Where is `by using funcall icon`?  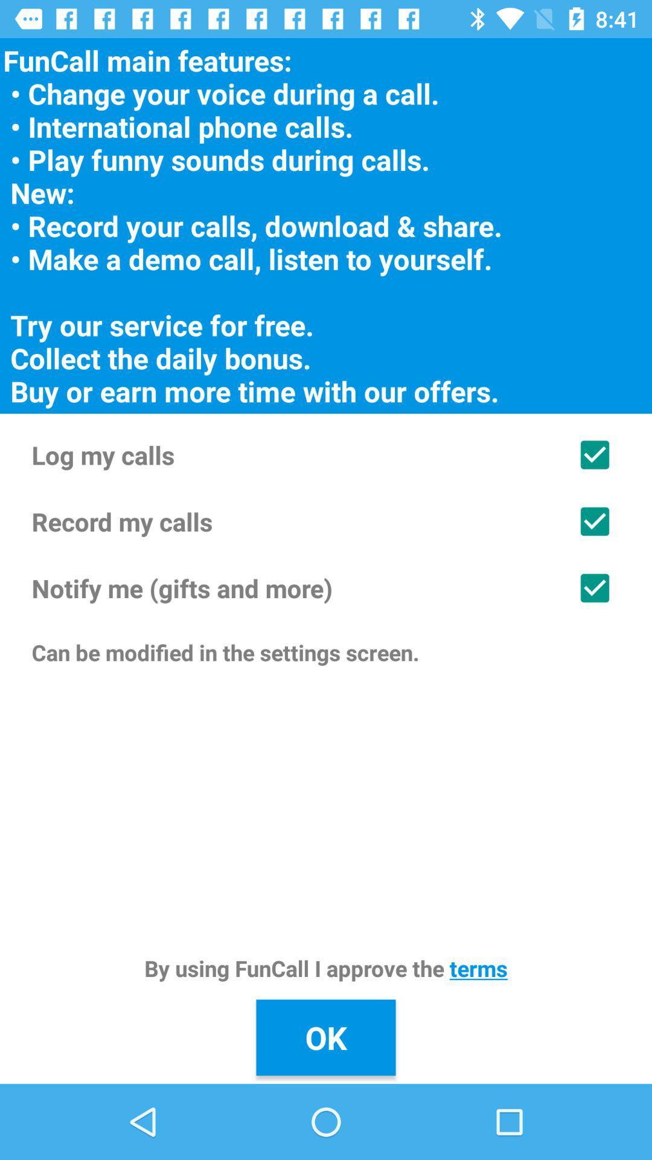 by using funcall icon is located at coordinates (326, 968).